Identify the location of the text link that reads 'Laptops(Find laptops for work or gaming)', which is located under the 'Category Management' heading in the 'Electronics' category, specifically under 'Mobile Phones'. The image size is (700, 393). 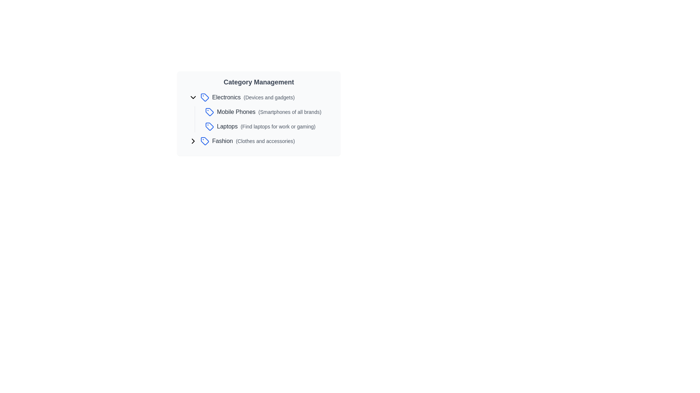
(266, 126).